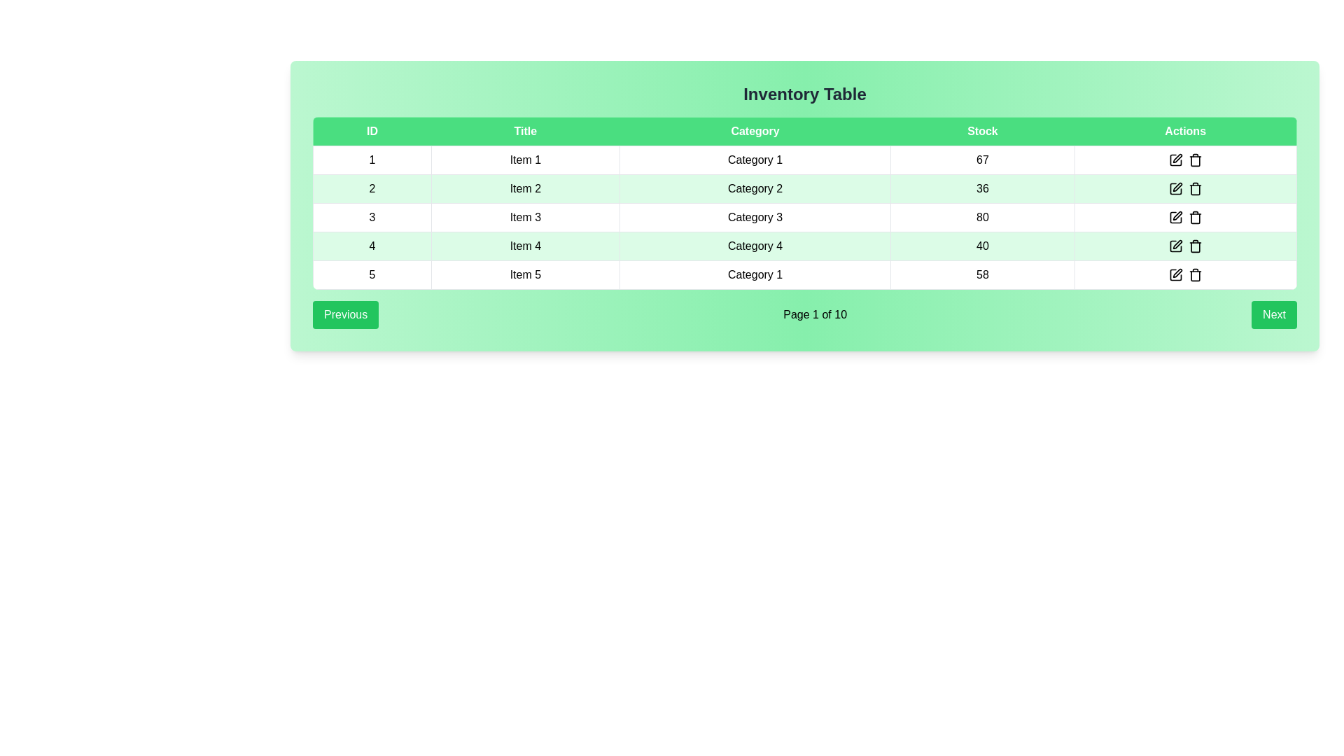 Image resolution: width=1344 pixels, height=756 pixels. Describe the element at coordinates (372, 245) in the screenshot. I see `the Table Cell containing the number '4', which is located in the fourth row of the ID column in the table, styled with a light green background` at that location.